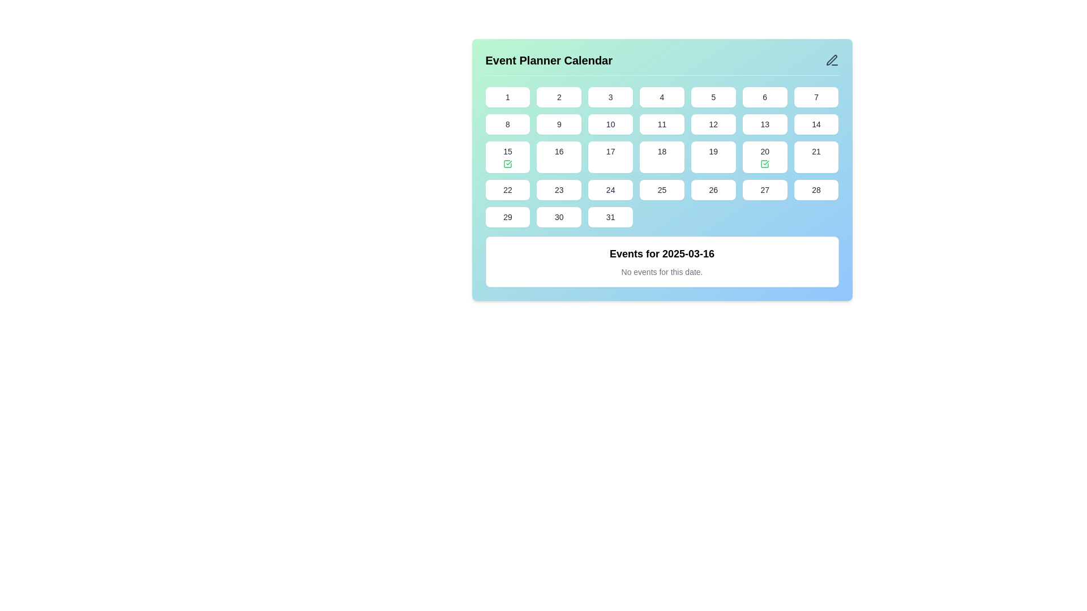 Image resolution: width=1087 pixels, height=611 pixels. What do you see at coordinates (507, 97) in the screenshot?
I see `the first button labeled '1' in the grid layout under 'Event Planner Calendar', which has a white background and gray text` at bounding box center [507, 97].